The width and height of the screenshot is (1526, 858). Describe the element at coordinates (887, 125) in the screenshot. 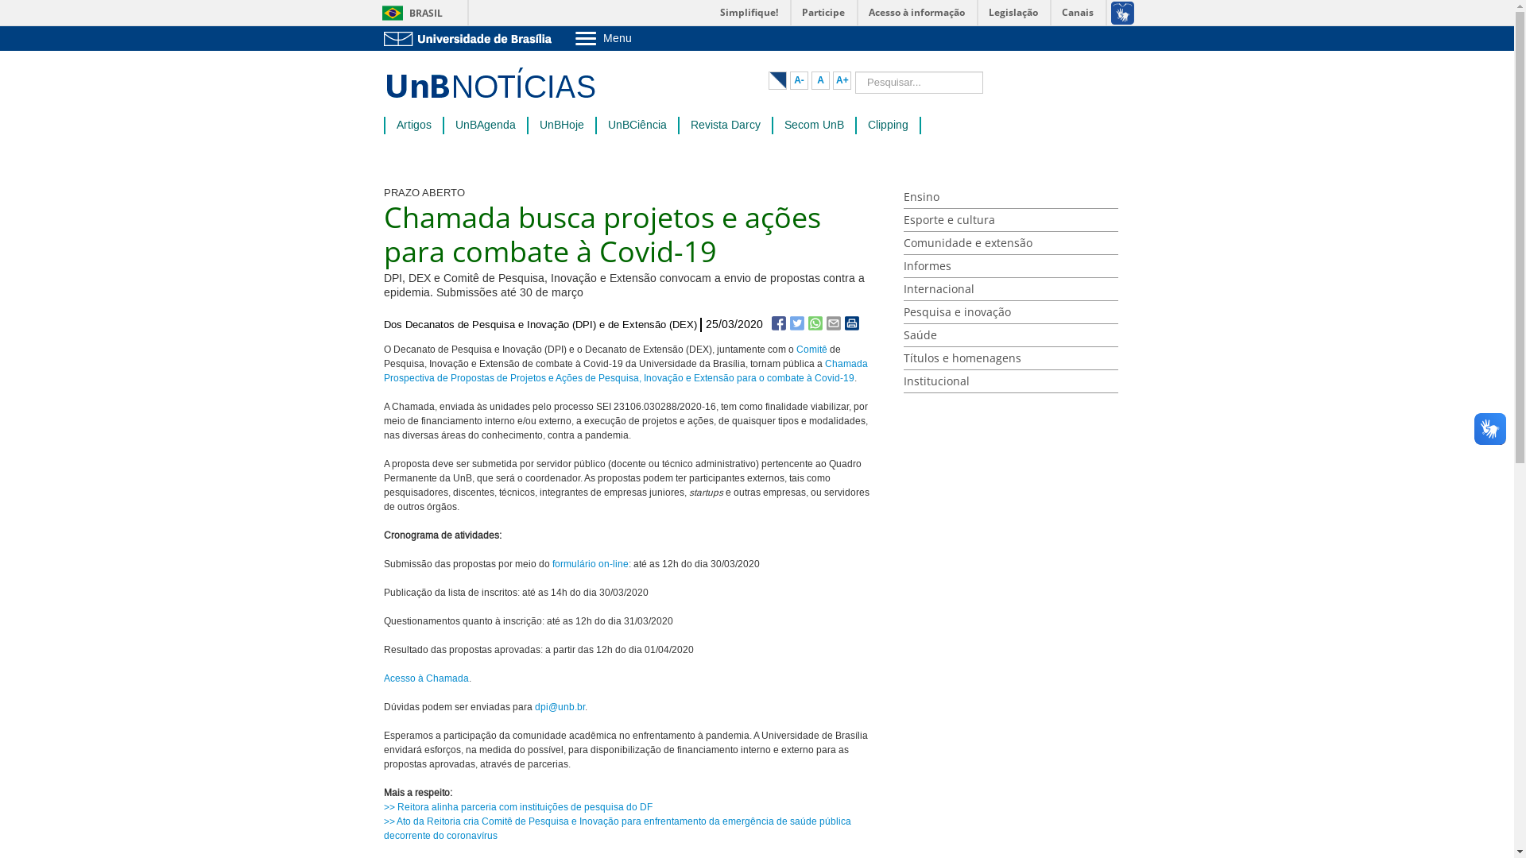

I see `'Clipping'` at that location.